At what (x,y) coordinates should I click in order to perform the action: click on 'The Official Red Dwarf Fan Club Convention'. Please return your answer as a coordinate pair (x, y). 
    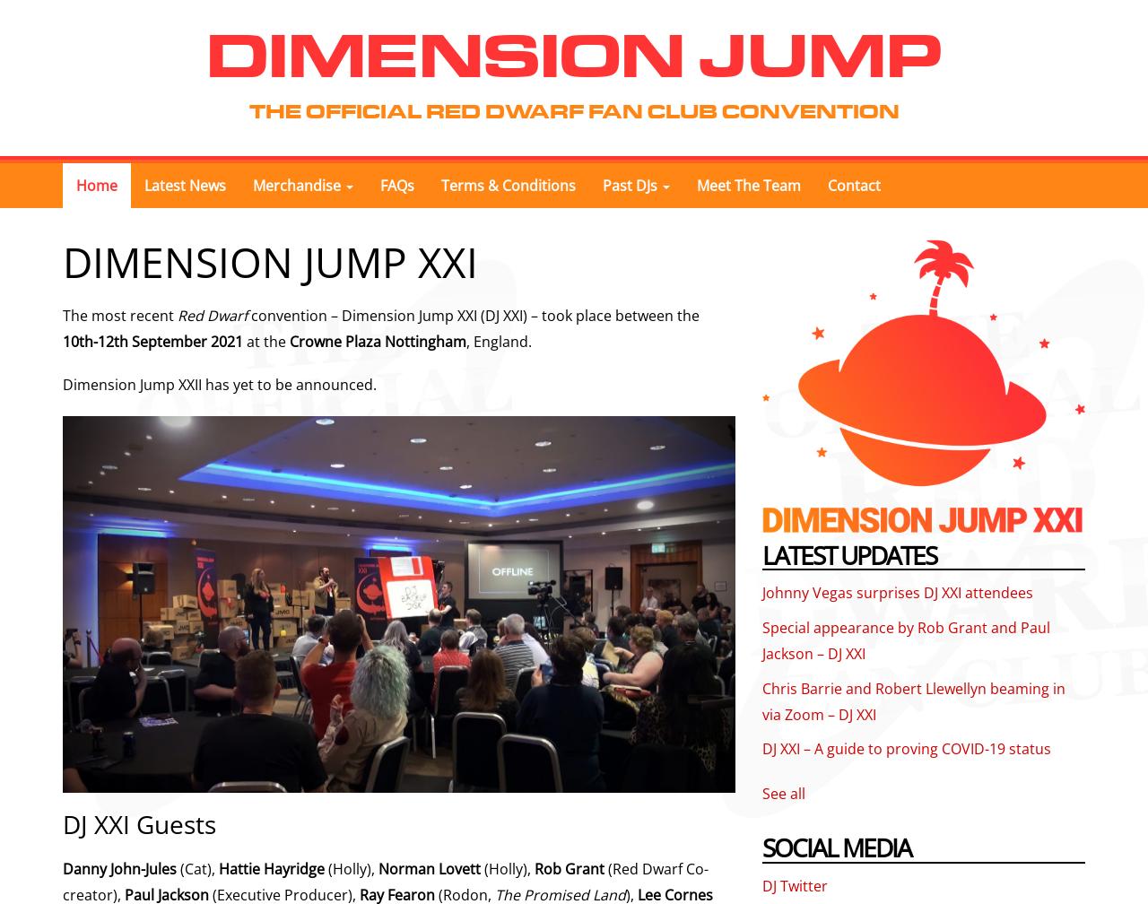
    Looking at the image, I should click on (572, 111).